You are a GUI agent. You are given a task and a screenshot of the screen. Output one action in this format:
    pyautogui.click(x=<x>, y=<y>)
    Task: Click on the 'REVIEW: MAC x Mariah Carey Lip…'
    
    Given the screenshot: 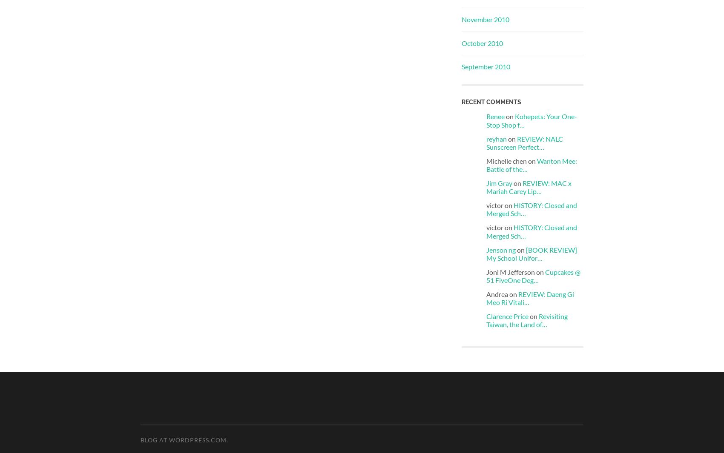 What is the action you would take?
    pyautogui.click(x=486, y=186)
    